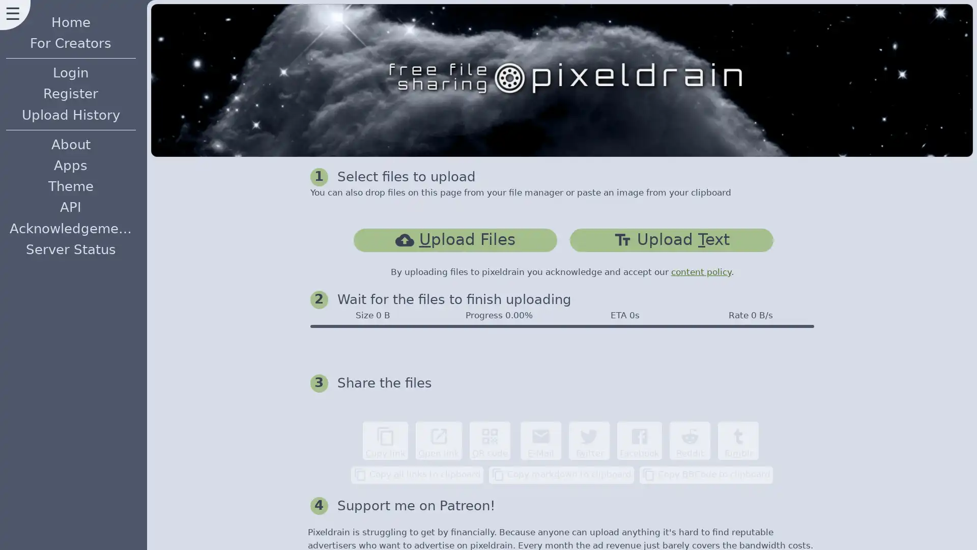 This screenshot has height=550, width=977. What do you see at coordinates (490, 440) in the screenshot?
I see `qr_code QR code` at bounding box center [490, 440].